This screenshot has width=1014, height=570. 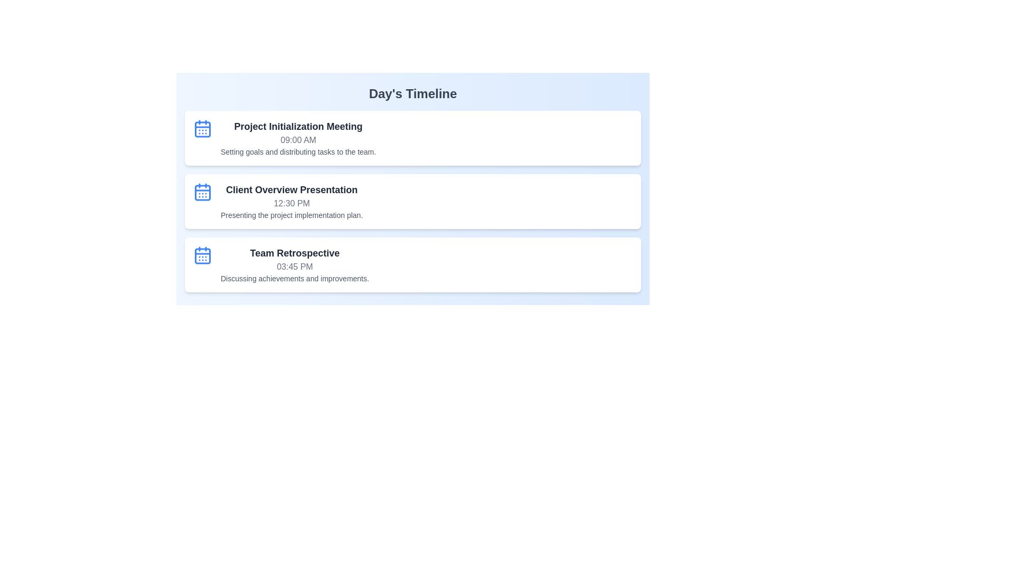 What do you see at coordinates (295, 253) in the screenshot?
I see `the text label reading 'Team Retrospective' which is styled in bold and larger size, located within a rectangular box in the 'Day's Timeline' section` at bounding box center [295, 253].